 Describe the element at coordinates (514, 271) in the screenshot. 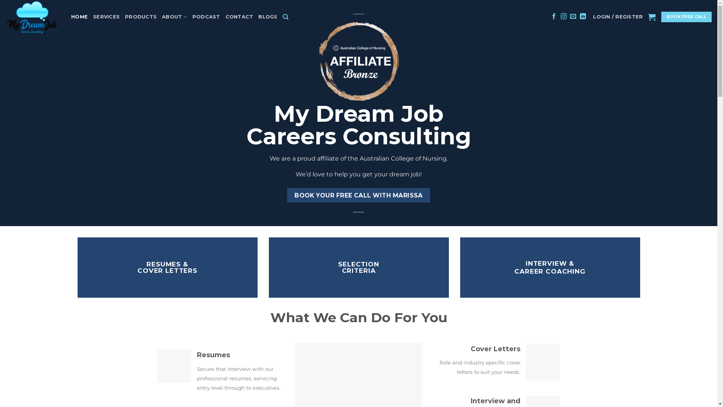

I see `'CAREER COACHING'` at that location.